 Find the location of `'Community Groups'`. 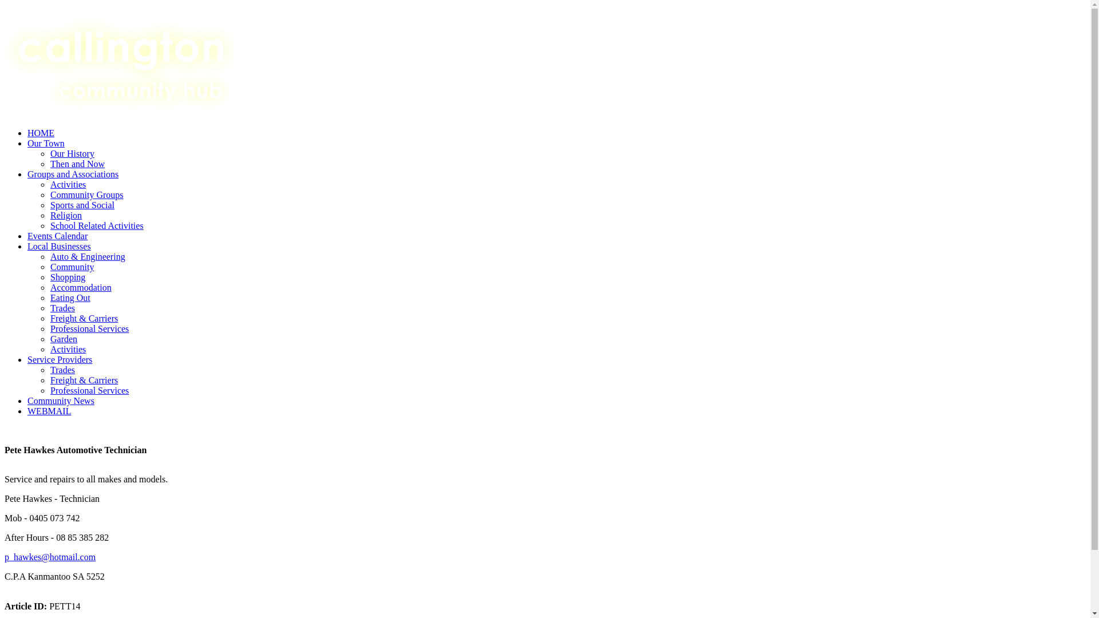

'Community Groups' is located at coordinates (49, 194).